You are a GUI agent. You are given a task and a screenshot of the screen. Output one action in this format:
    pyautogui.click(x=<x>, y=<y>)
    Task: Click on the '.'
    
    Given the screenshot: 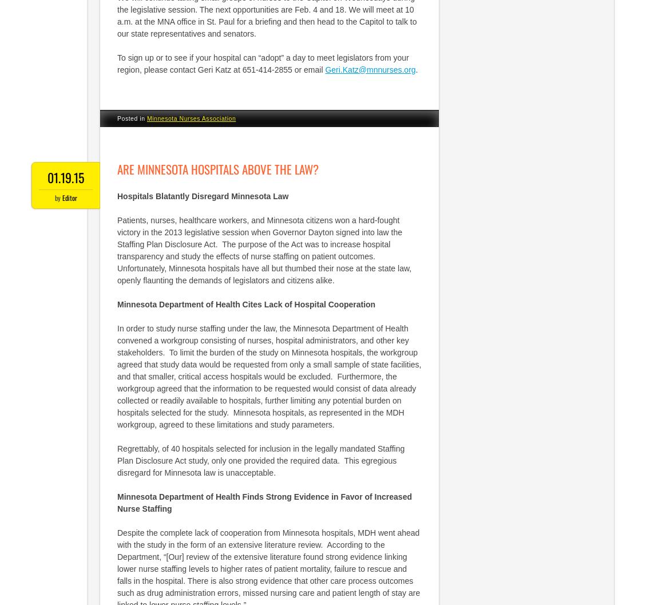 What is the action you would take?
    pyautogui.click(x=415, y=69)
    